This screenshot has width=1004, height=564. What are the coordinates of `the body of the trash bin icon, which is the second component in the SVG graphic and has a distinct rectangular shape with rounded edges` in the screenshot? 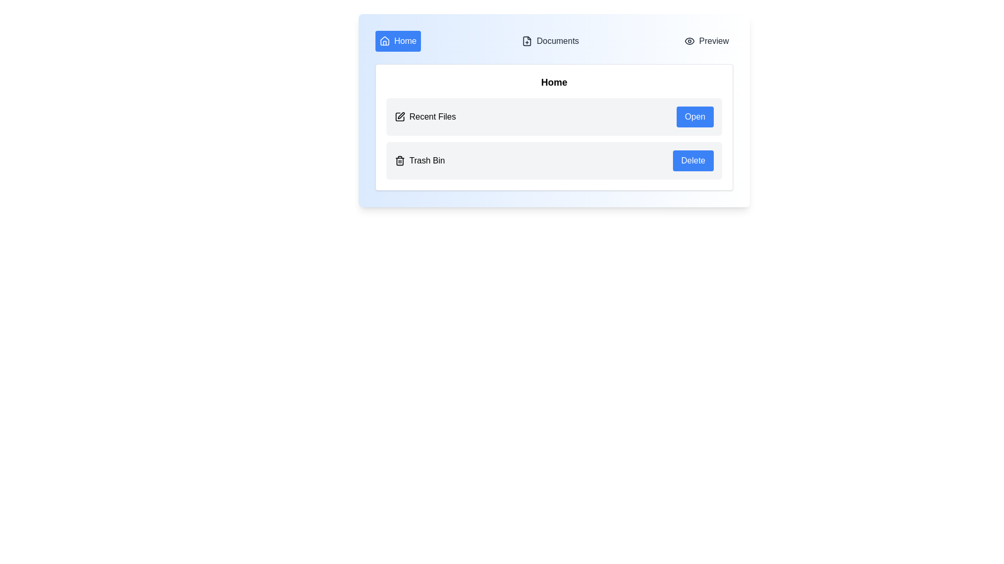 It's located at (399, 161).